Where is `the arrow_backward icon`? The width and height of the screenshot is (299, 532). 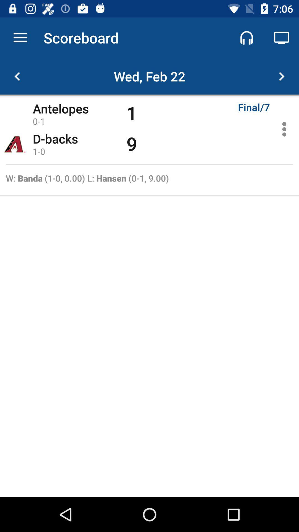
the arrow_backward icon is located at coordinates (17, 76).